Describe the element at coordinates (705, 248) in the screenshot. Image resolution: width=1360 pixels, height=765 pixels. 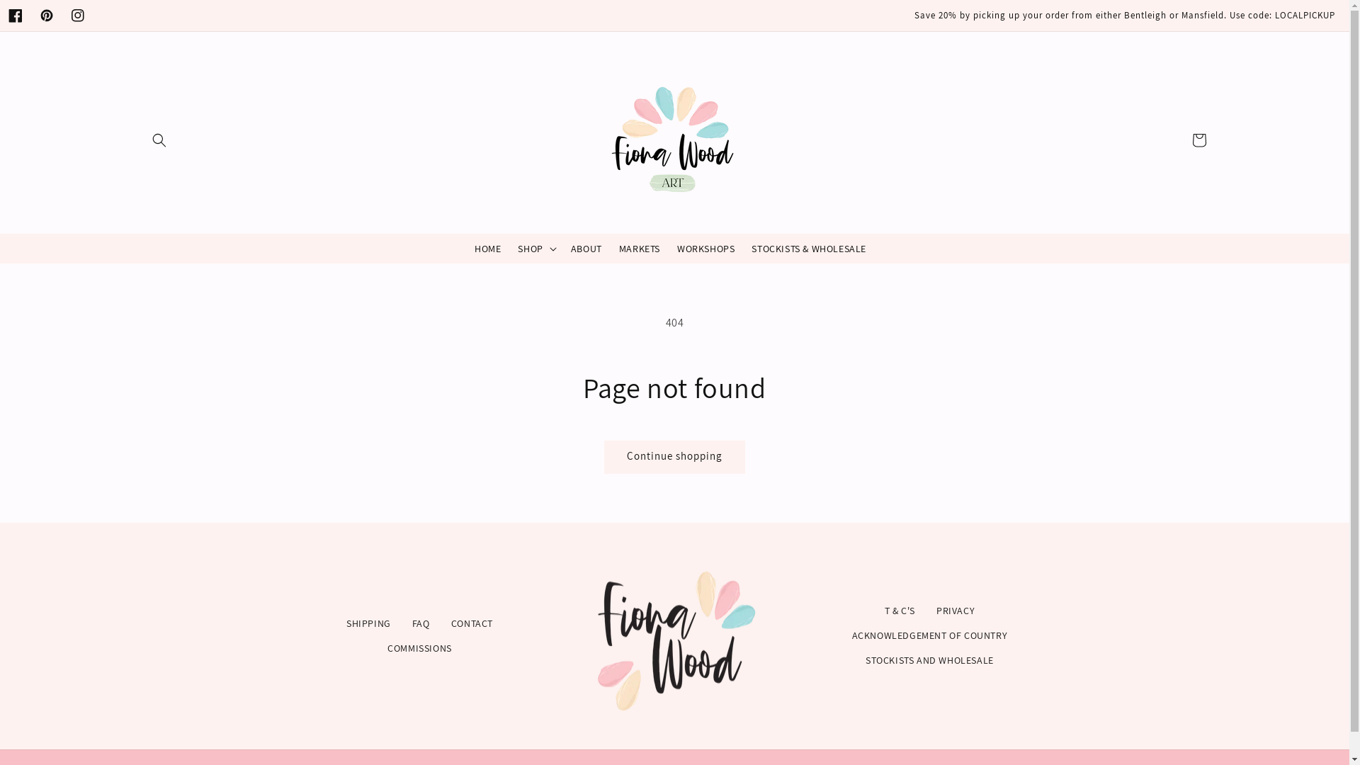
I see `'WORKSHOPS'` at that location.